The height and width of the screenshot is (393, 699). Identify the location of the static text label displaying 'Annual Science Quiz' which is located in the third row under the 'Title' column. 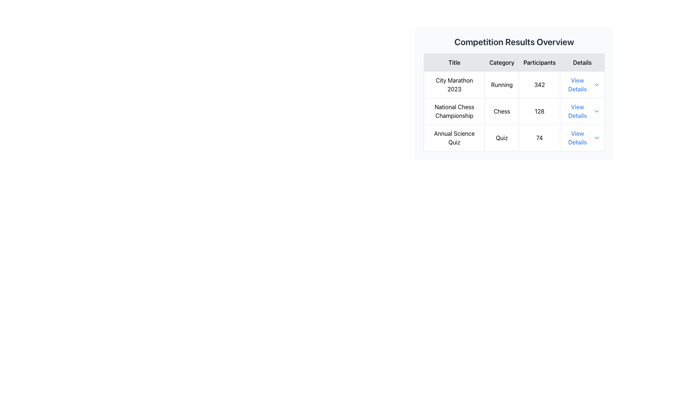
(454, 138).